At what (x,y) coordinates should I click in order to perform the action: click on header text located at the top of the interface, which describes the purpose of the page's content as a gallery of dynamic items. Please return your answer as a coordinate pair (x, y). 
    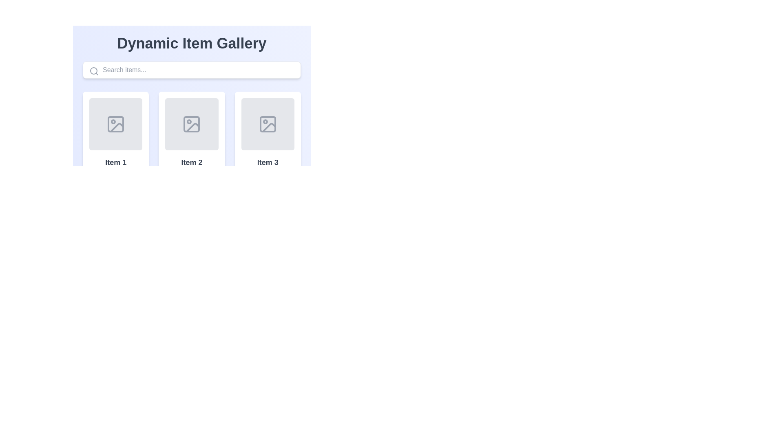
    Looking at the image, I should click on (191, 44).